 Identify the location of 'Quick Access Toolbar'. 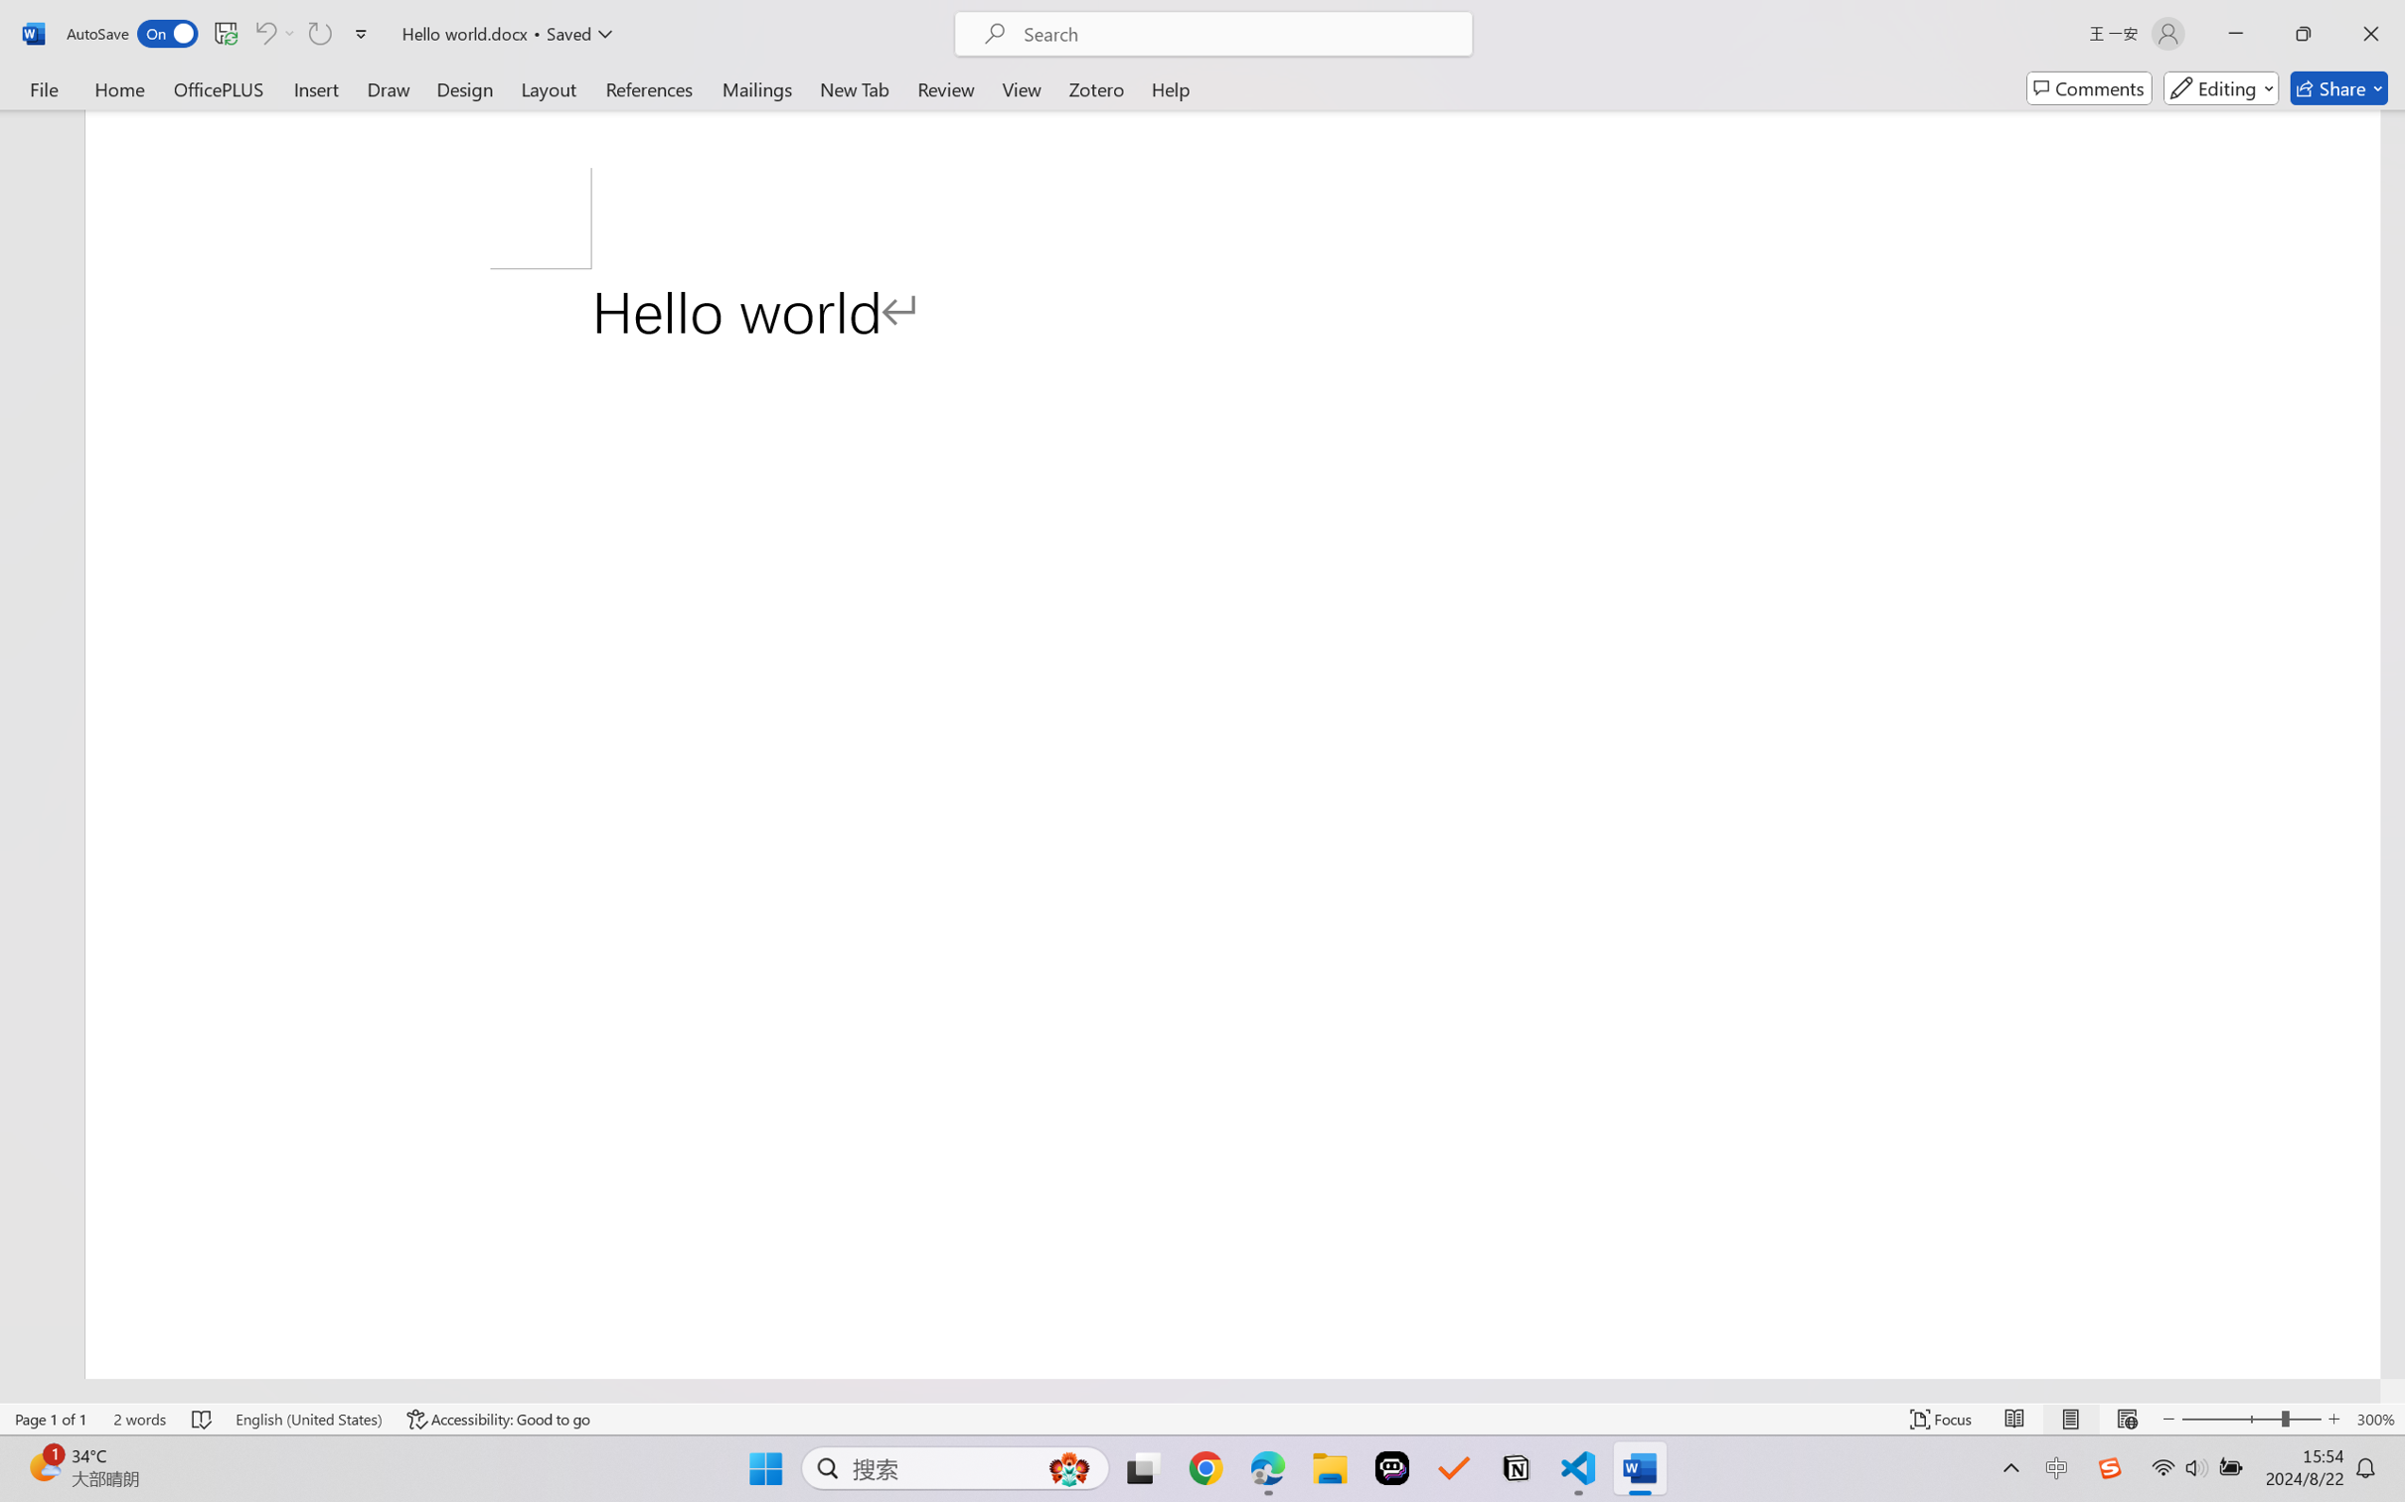
(221, 33).